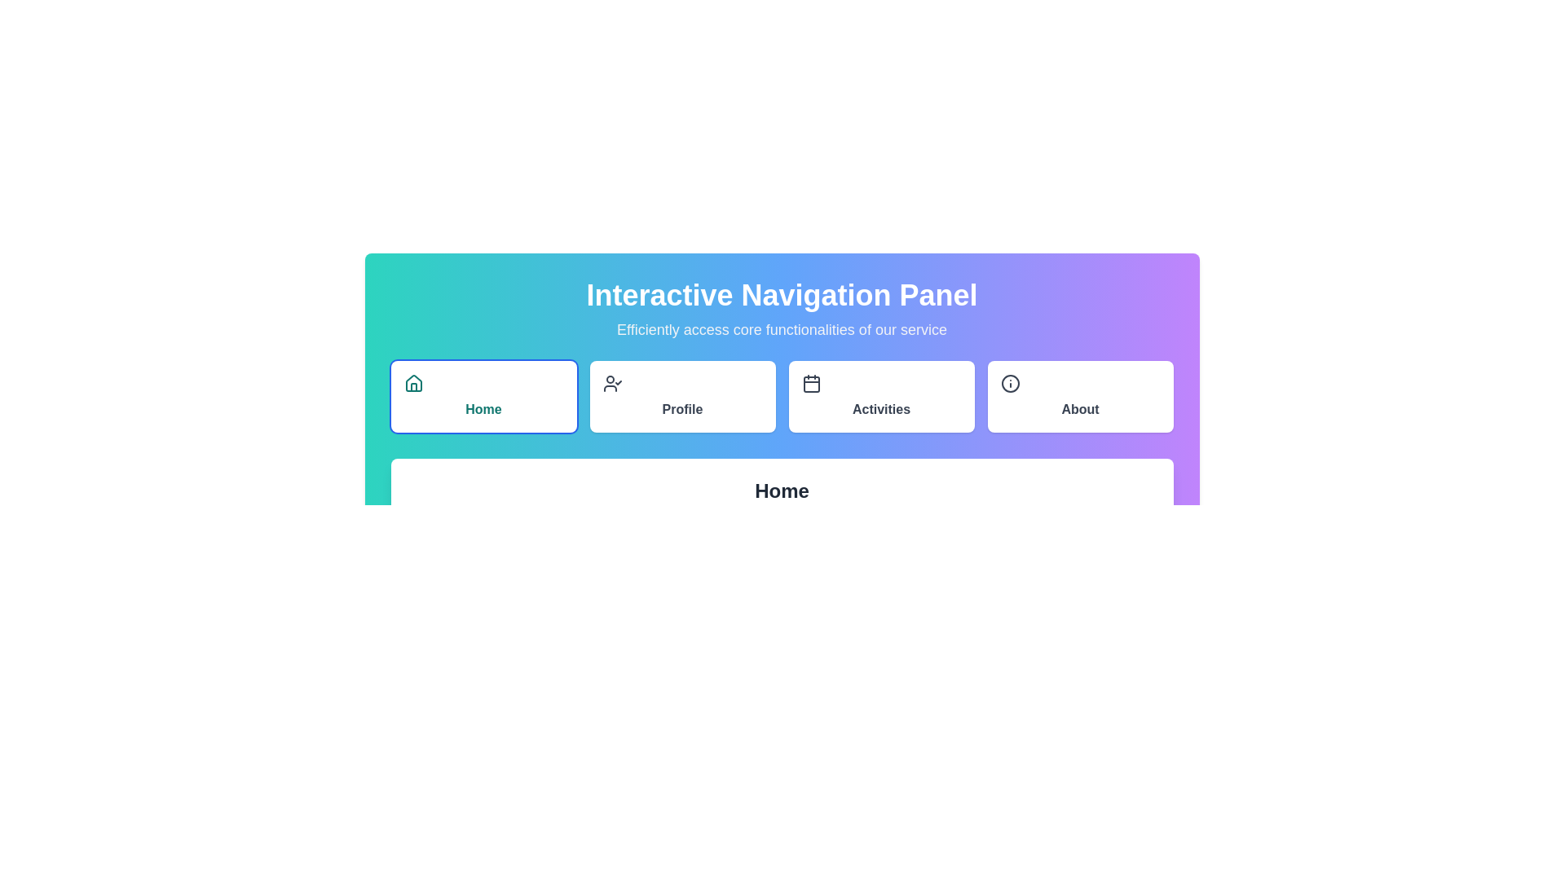 The height and width of the screenshot is (880, 1565). Describe the element at coordinates (781, 490) in the screenshot. I see `the heading text element labeled 'Home', which is centrally aligned and positioned above the 'Welcome to your personalized dashboard.' text` at that location.